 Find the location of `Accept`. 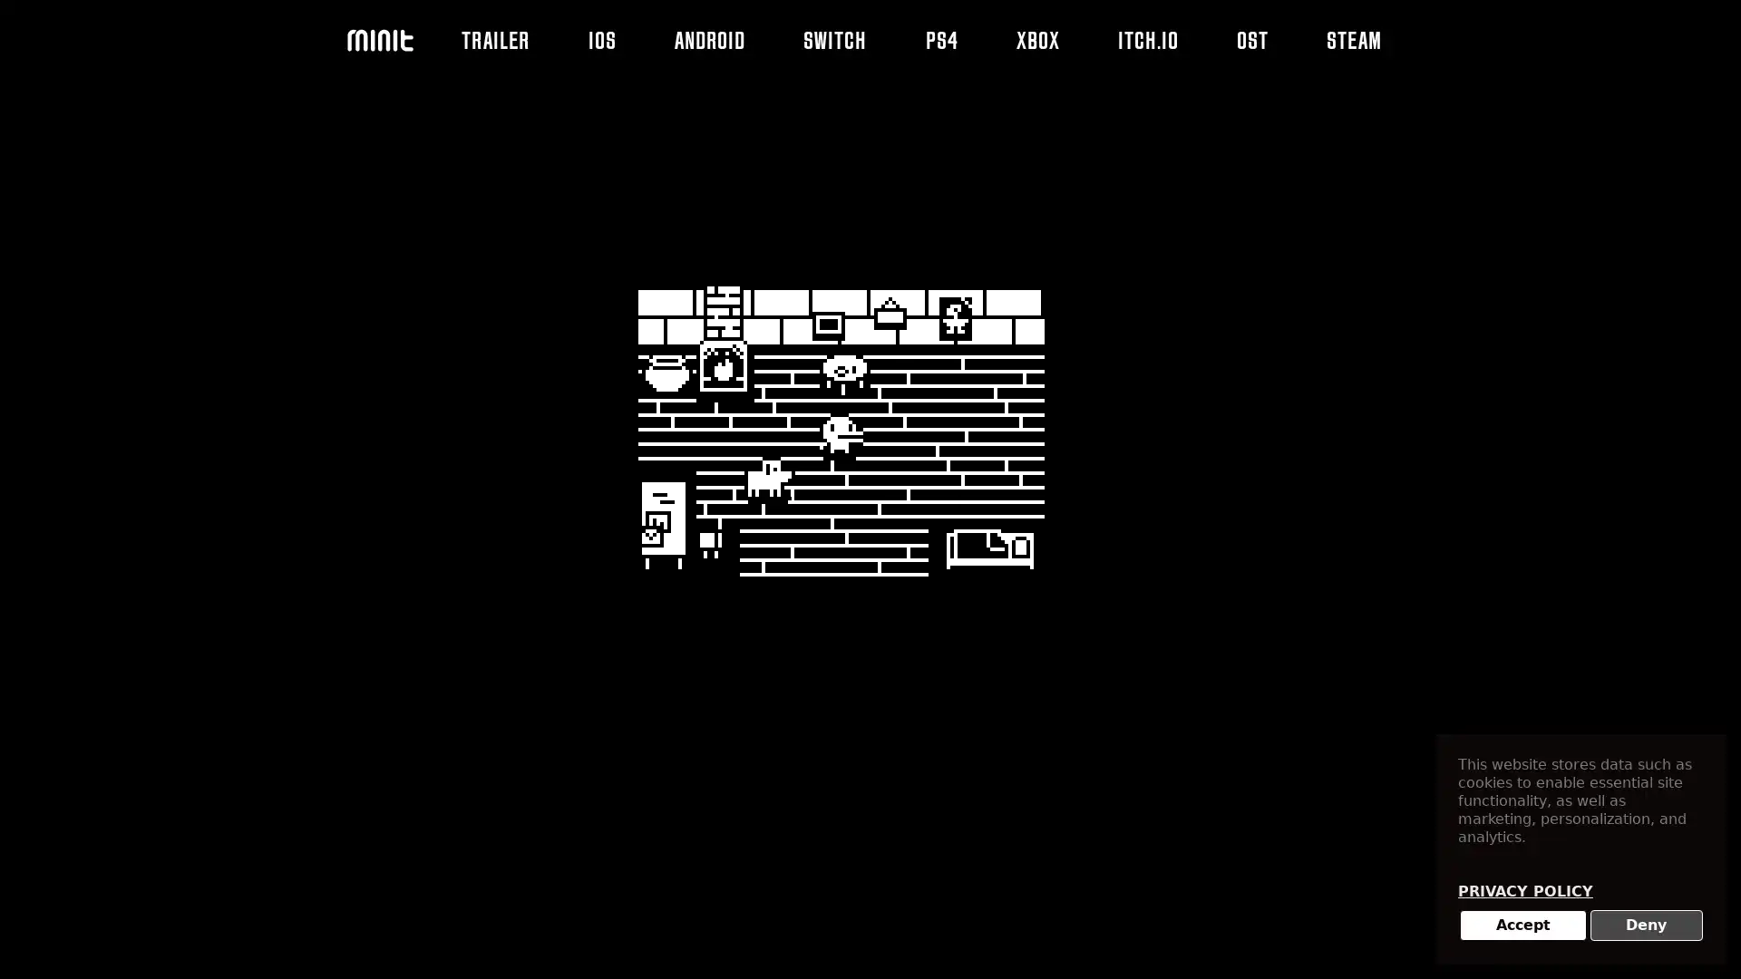

Accept is located at coordinates (1522, 926).